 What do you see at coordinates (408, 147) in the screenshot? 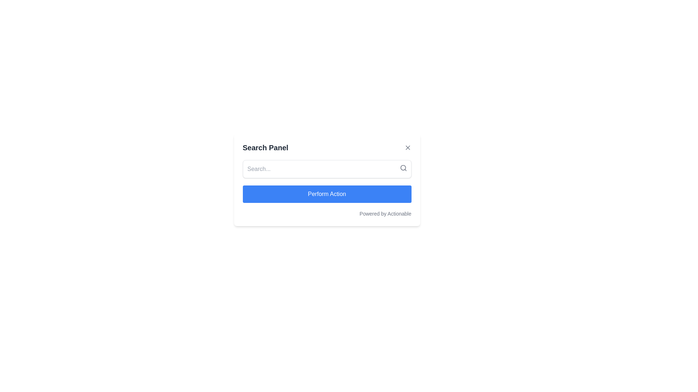
I see `the close icon located in the top-right corner of the 'Search Panel' card` at bounding box center [408, 147].